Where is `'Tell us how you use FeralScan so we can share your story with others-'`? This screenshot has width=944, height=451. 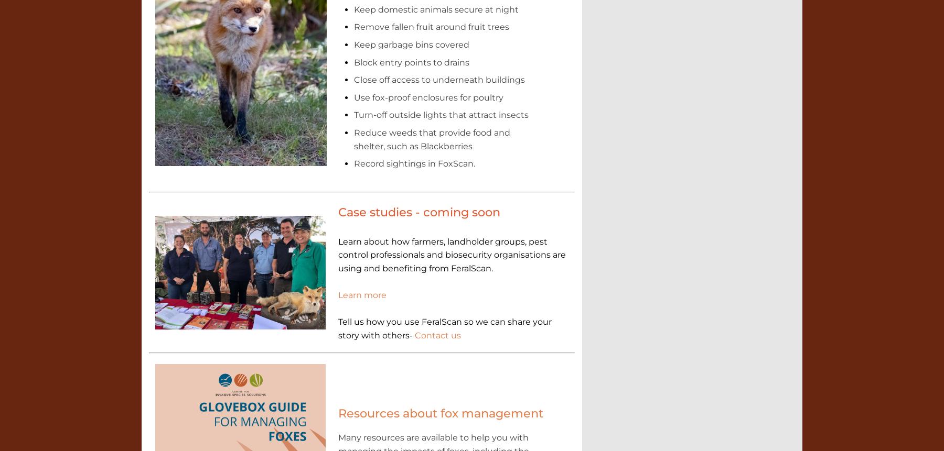
'Tell us how you use FeralScan so we can share your story with others-' is located at coordinates (444, 328).